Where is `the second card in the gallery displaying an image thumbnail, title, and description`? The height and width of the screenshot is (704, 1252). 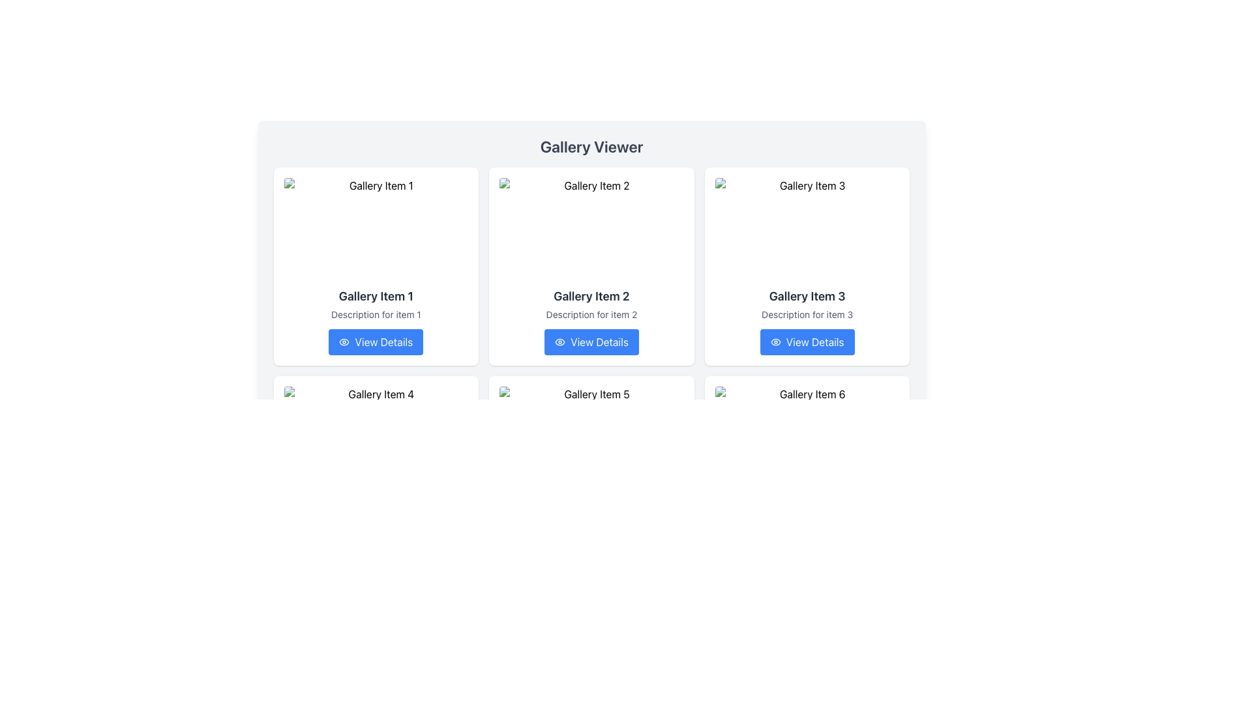 the second card in the gallery displaying an image thumbnail, title, and description is located at coordinates (591, 265).